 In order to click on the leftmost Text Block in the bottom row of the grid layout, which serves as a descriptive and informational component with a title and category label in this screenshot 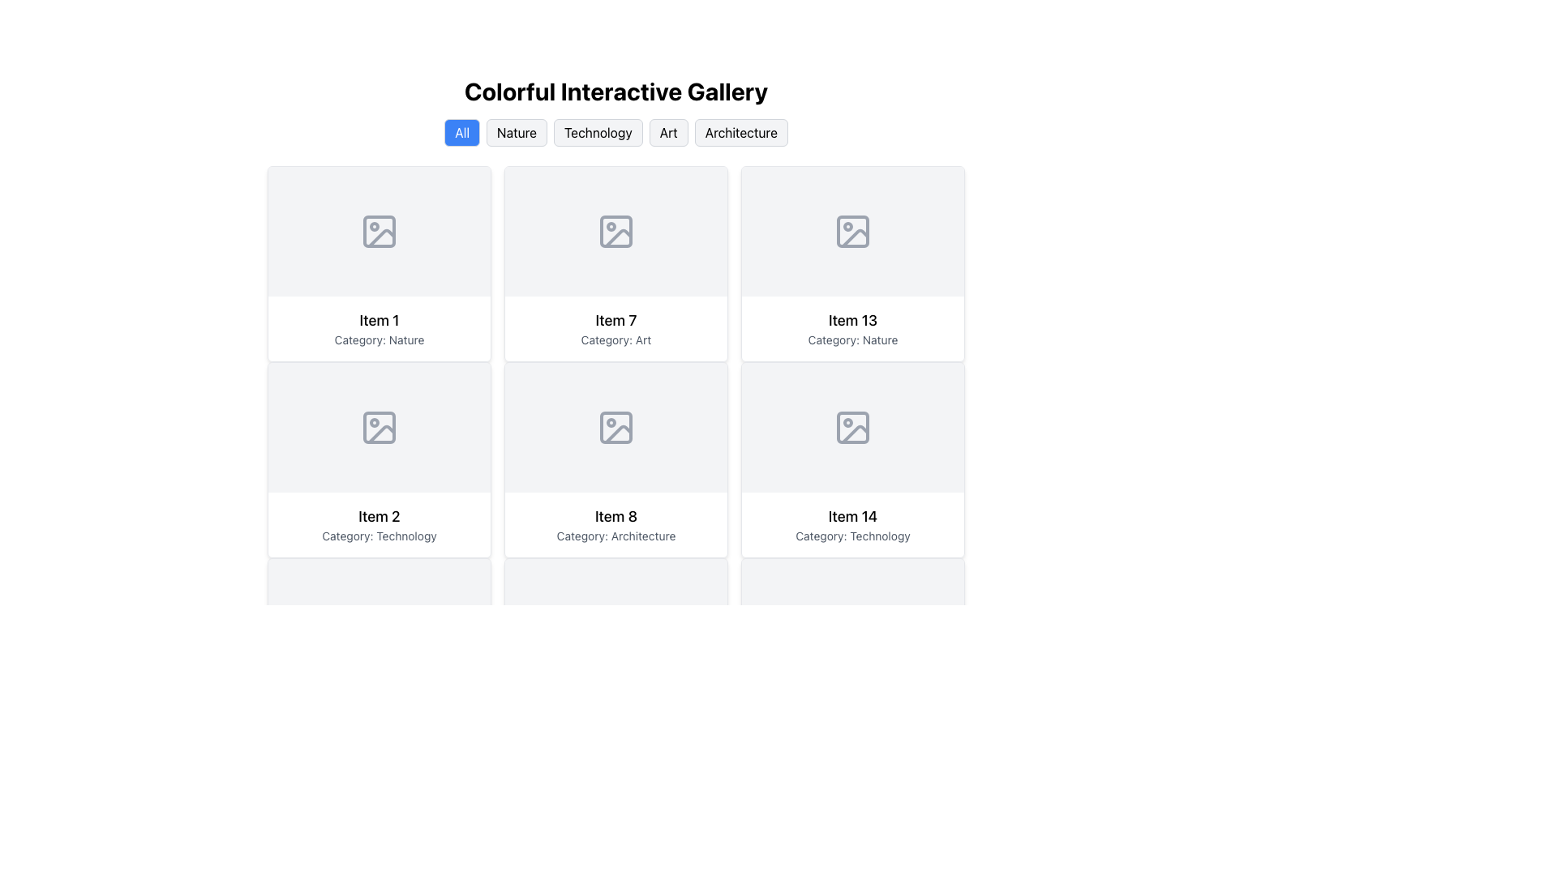, I will do `click(615, 525)`.